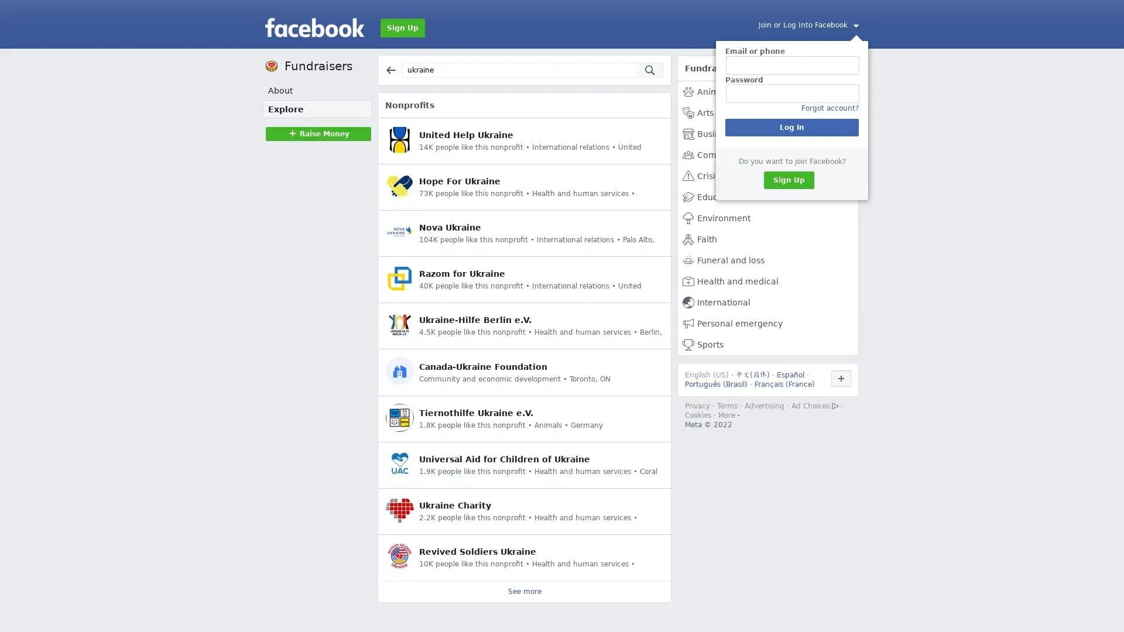  What do you see at coordinates (784, 384) in the screenshot?
I see `Francais (France)` at bounding box center [784, 384].